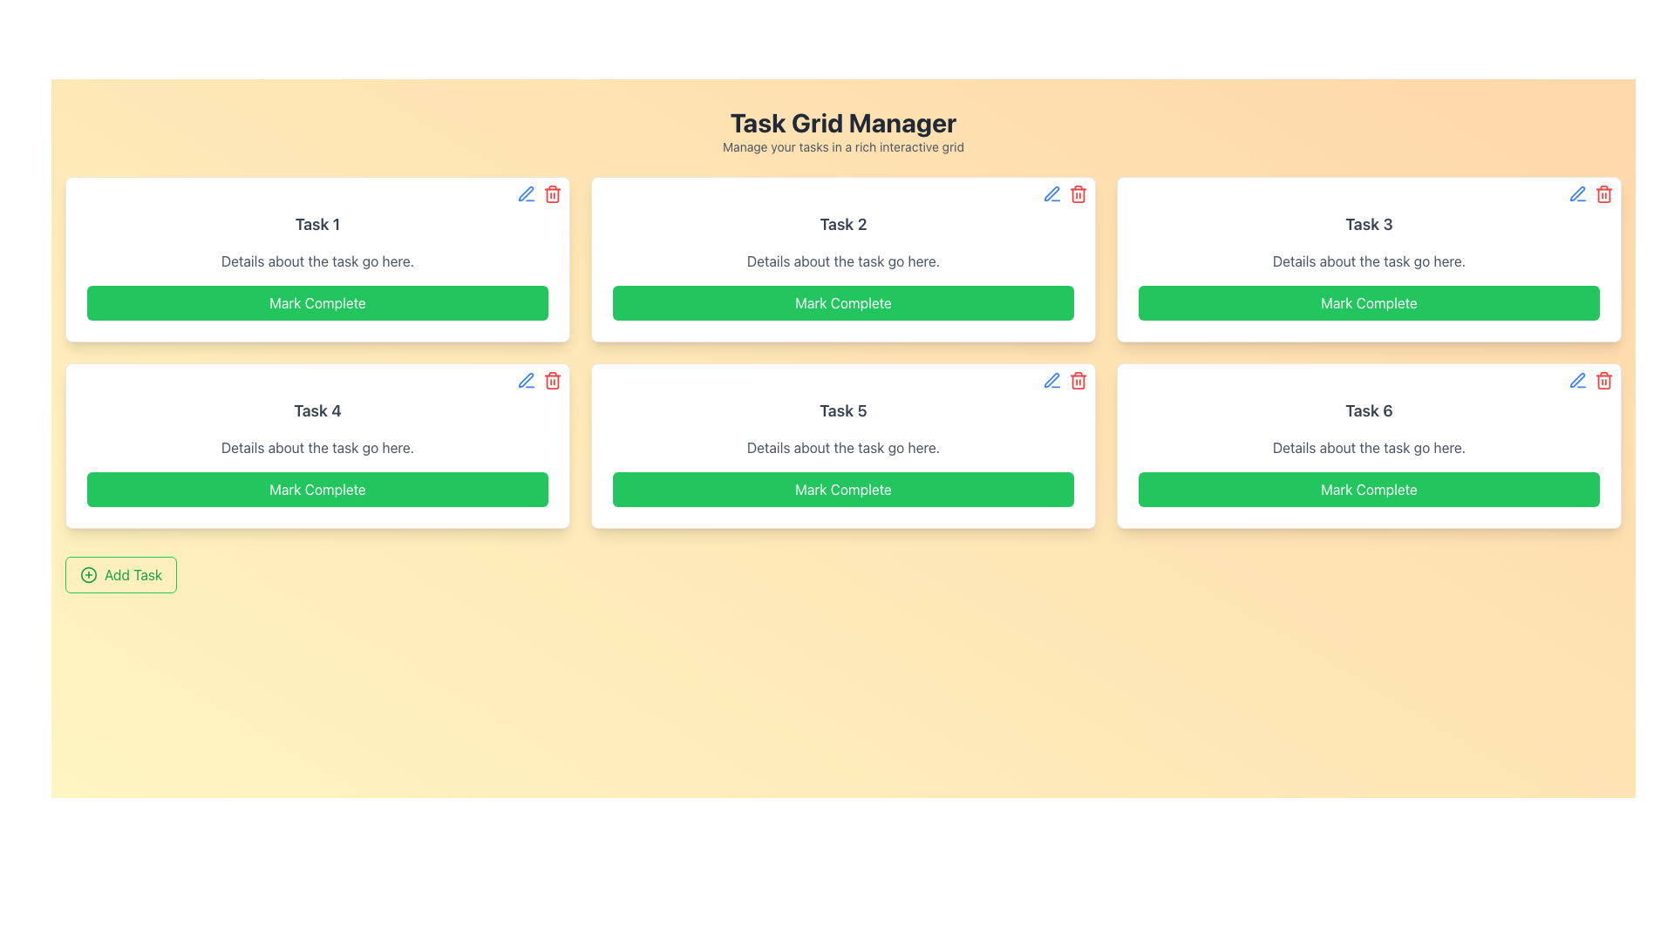 The image size is (1674, 941). I want to click on the edit button located at the top right corner of the task card, so click(1051, 194).